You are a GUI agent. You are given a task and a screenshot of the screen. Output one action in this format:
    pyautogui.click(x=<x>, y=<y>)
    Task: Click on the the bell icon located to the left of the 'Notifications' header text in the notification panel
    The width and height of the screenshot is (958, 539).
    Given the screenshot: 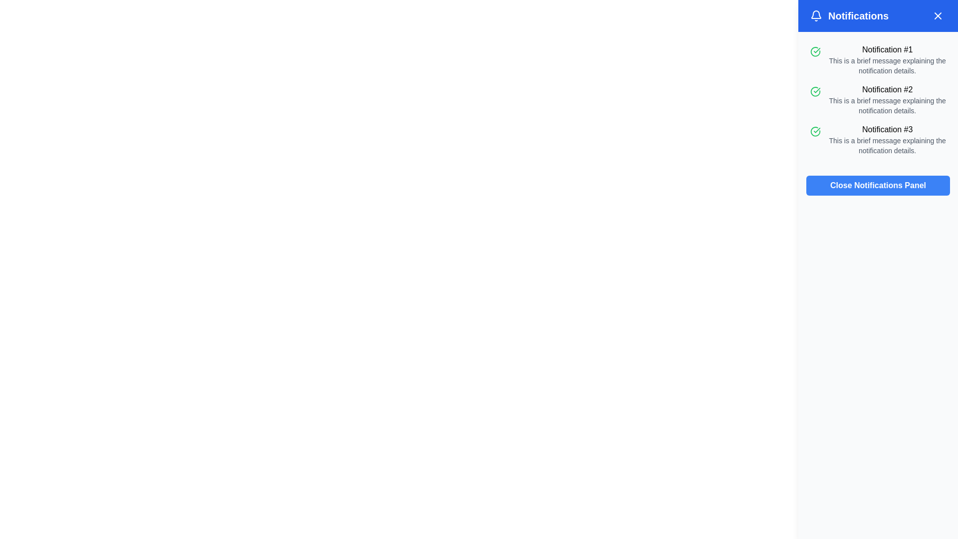 What is the action you would take?
    pyautogui.click(x=816, y=15)
    